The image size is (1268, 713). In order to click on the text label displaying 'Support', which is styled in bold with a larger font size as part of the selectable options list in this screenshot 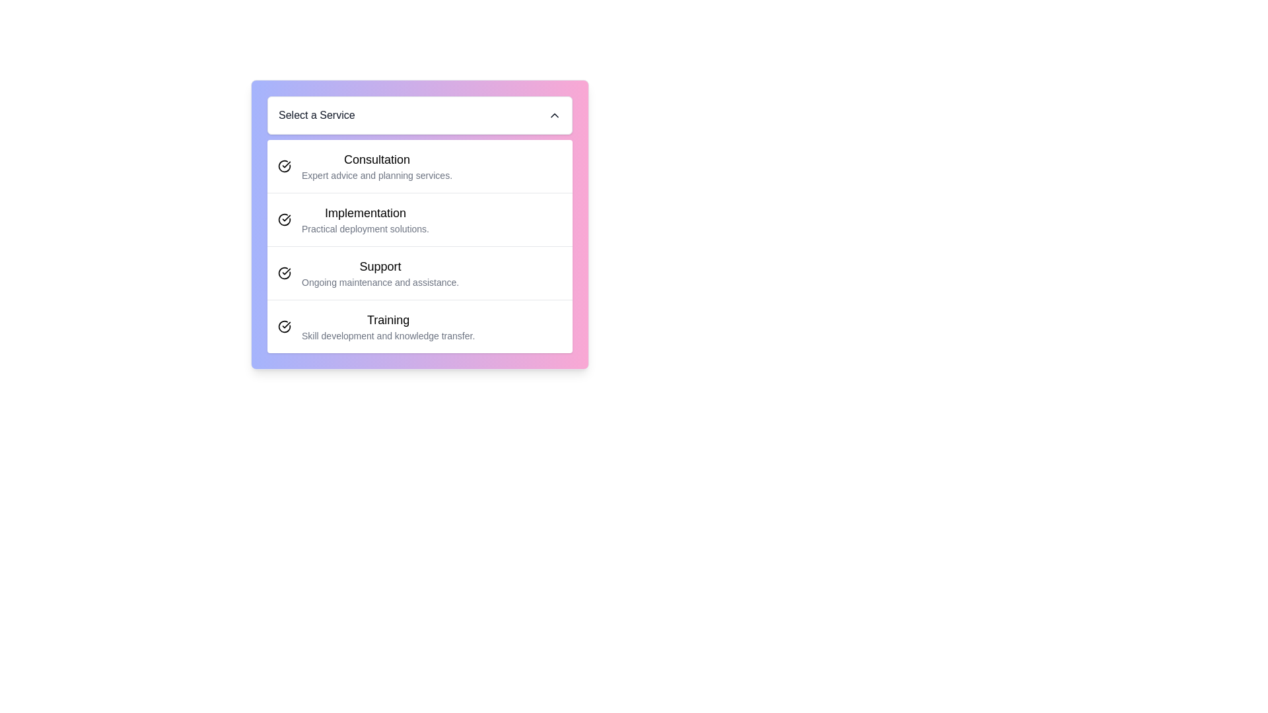, I will do `click(380, 267)`.